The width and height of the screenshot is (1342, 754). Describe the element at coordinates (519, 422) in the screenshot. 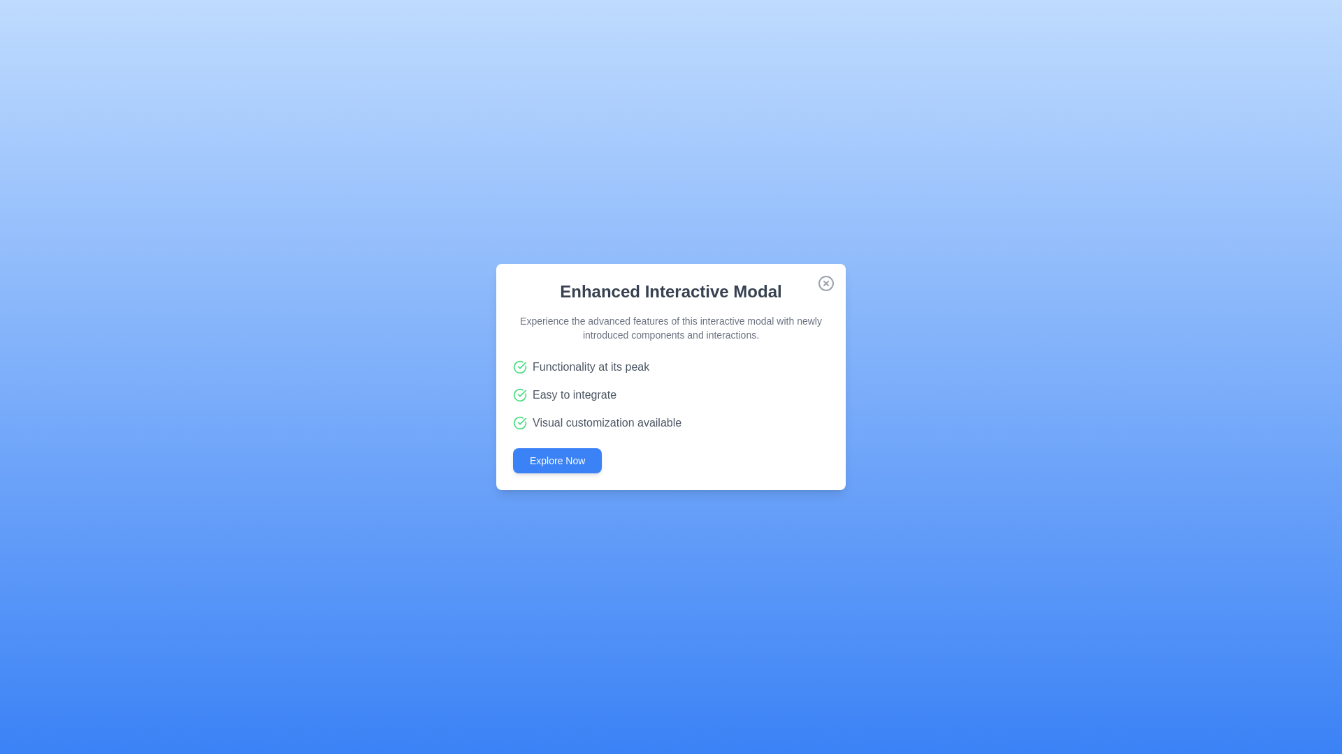

I see `the icon indicating the availability of 'Visual customization available' in the list under the title 'Enhanced Interactive Modal'` at that location.